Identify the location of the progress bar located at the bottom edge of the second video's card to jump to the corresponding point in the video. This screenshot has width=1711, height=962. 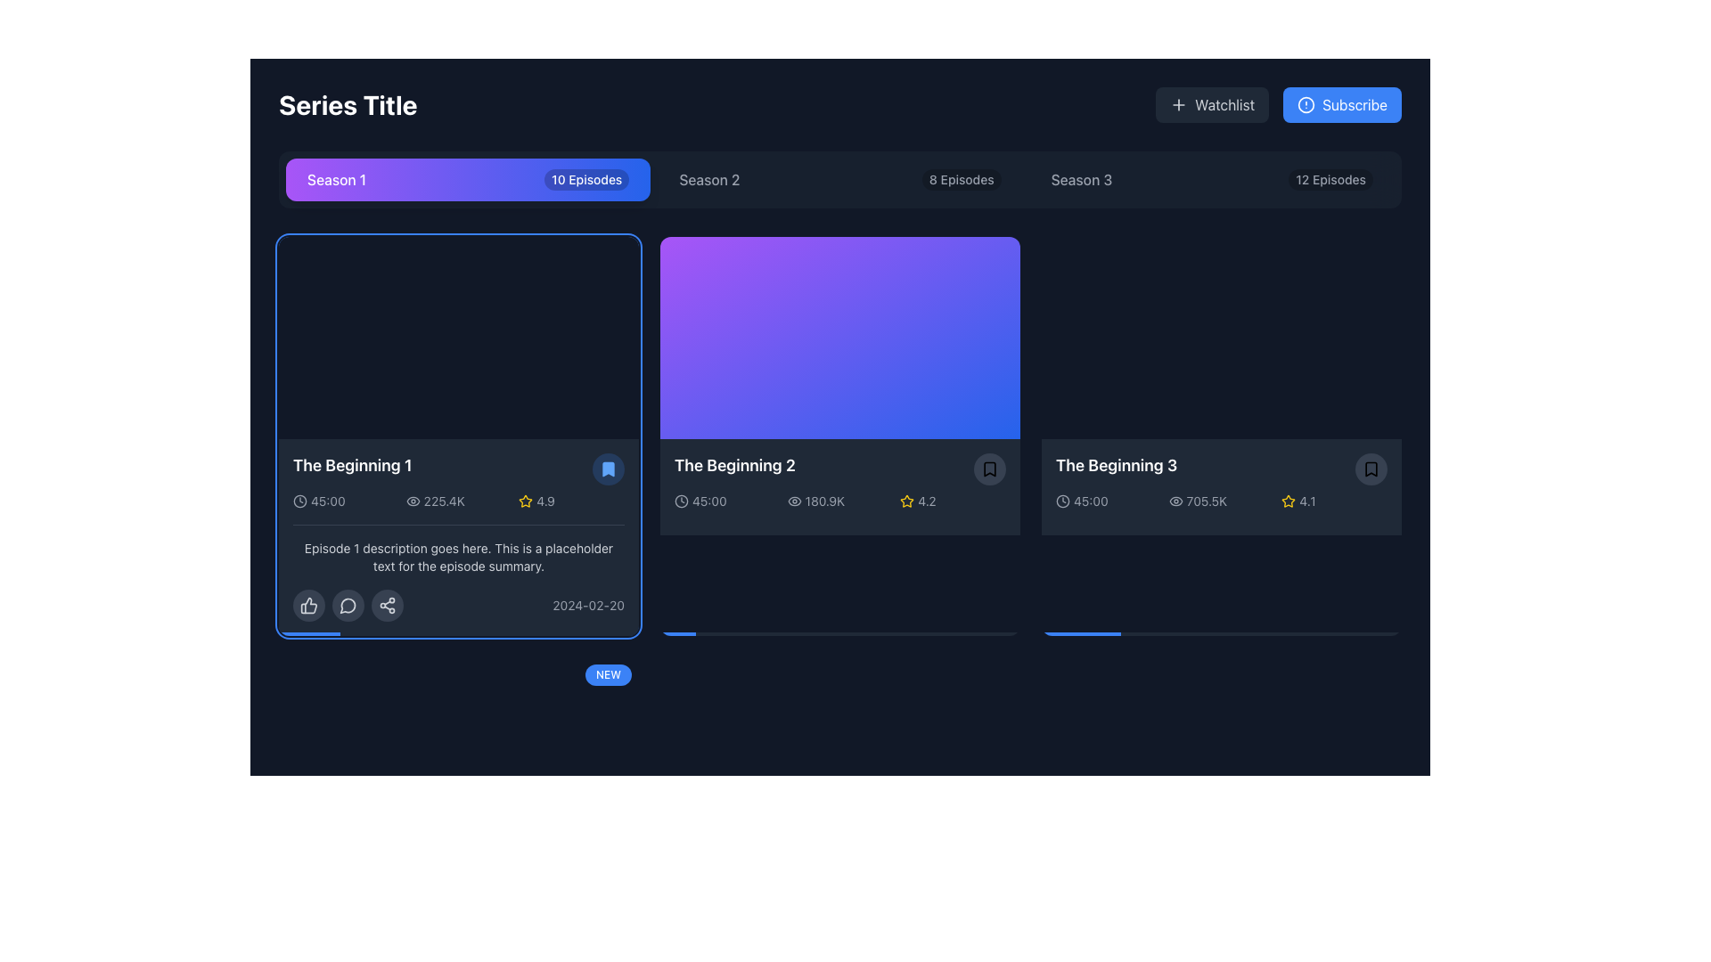
(839, 633).